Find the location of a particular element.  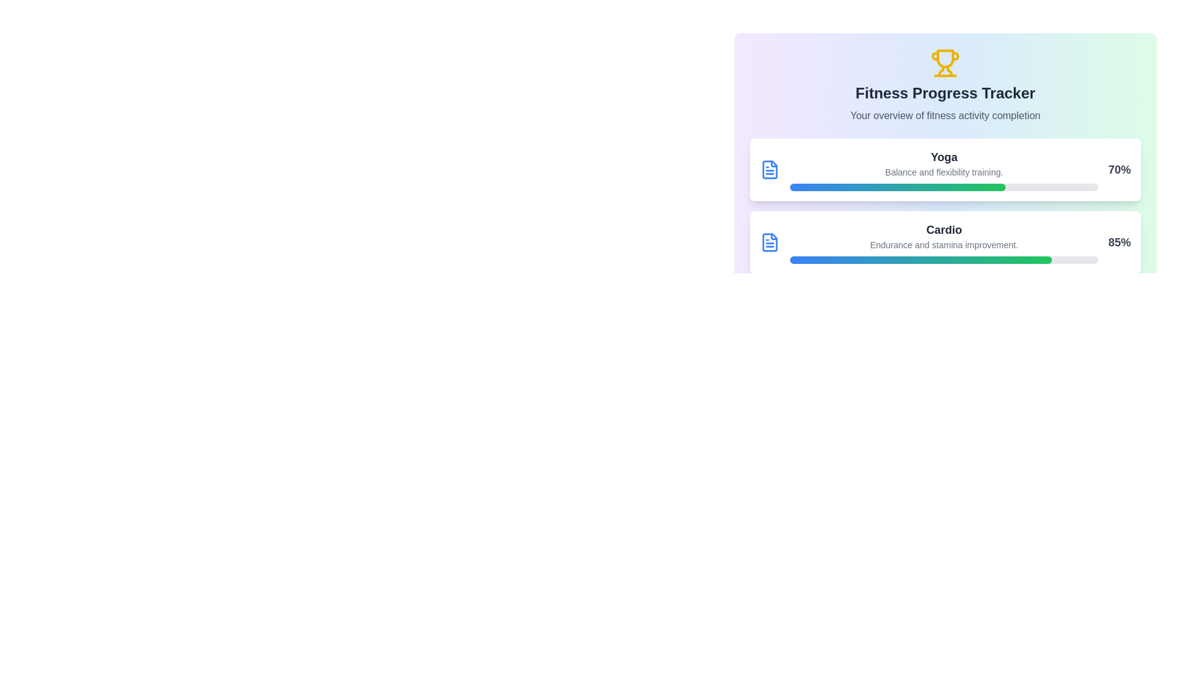

the Text label that serves as the title for the Yoga section, located centrally in the right section of the interface above the description 'Balance and flexibility training.' is located at coordinates (944, 156).